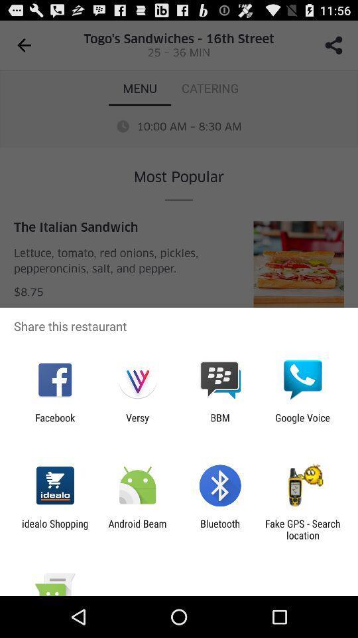 This screenshot has width=358, height=638. What do you see at coordinates (220, 529) in the screenshot?
I see `app next to the fake gps search icon` at bounding box center [220, 529].